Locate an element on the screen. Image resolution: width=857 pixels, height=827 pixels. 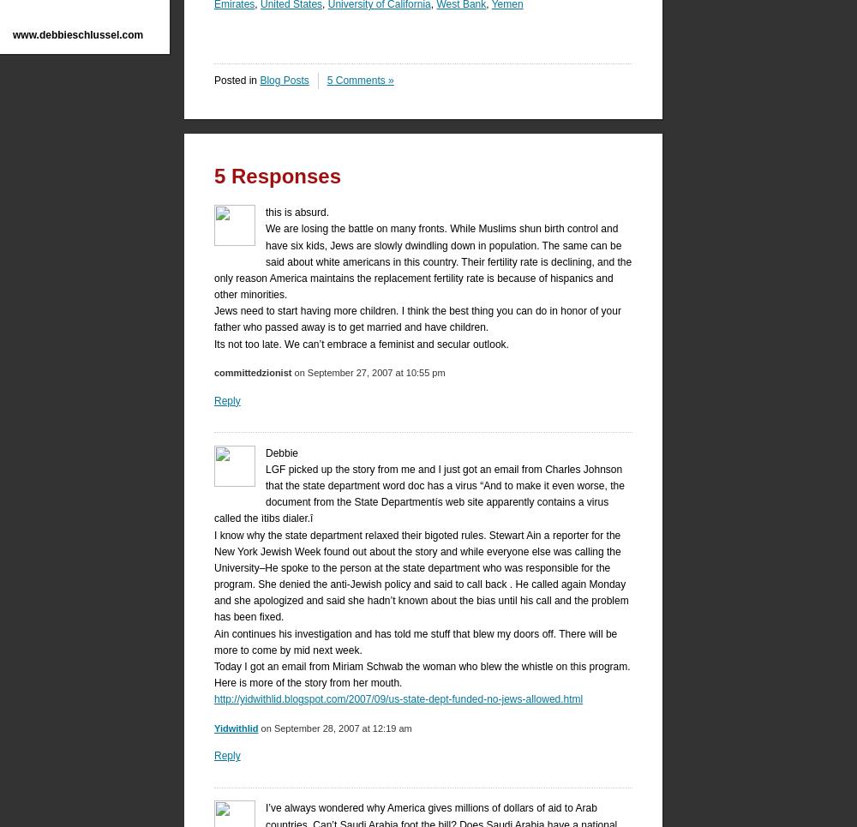
'on September 27, 2007 at 10:55 pm' is located at coordinates (368, 373).